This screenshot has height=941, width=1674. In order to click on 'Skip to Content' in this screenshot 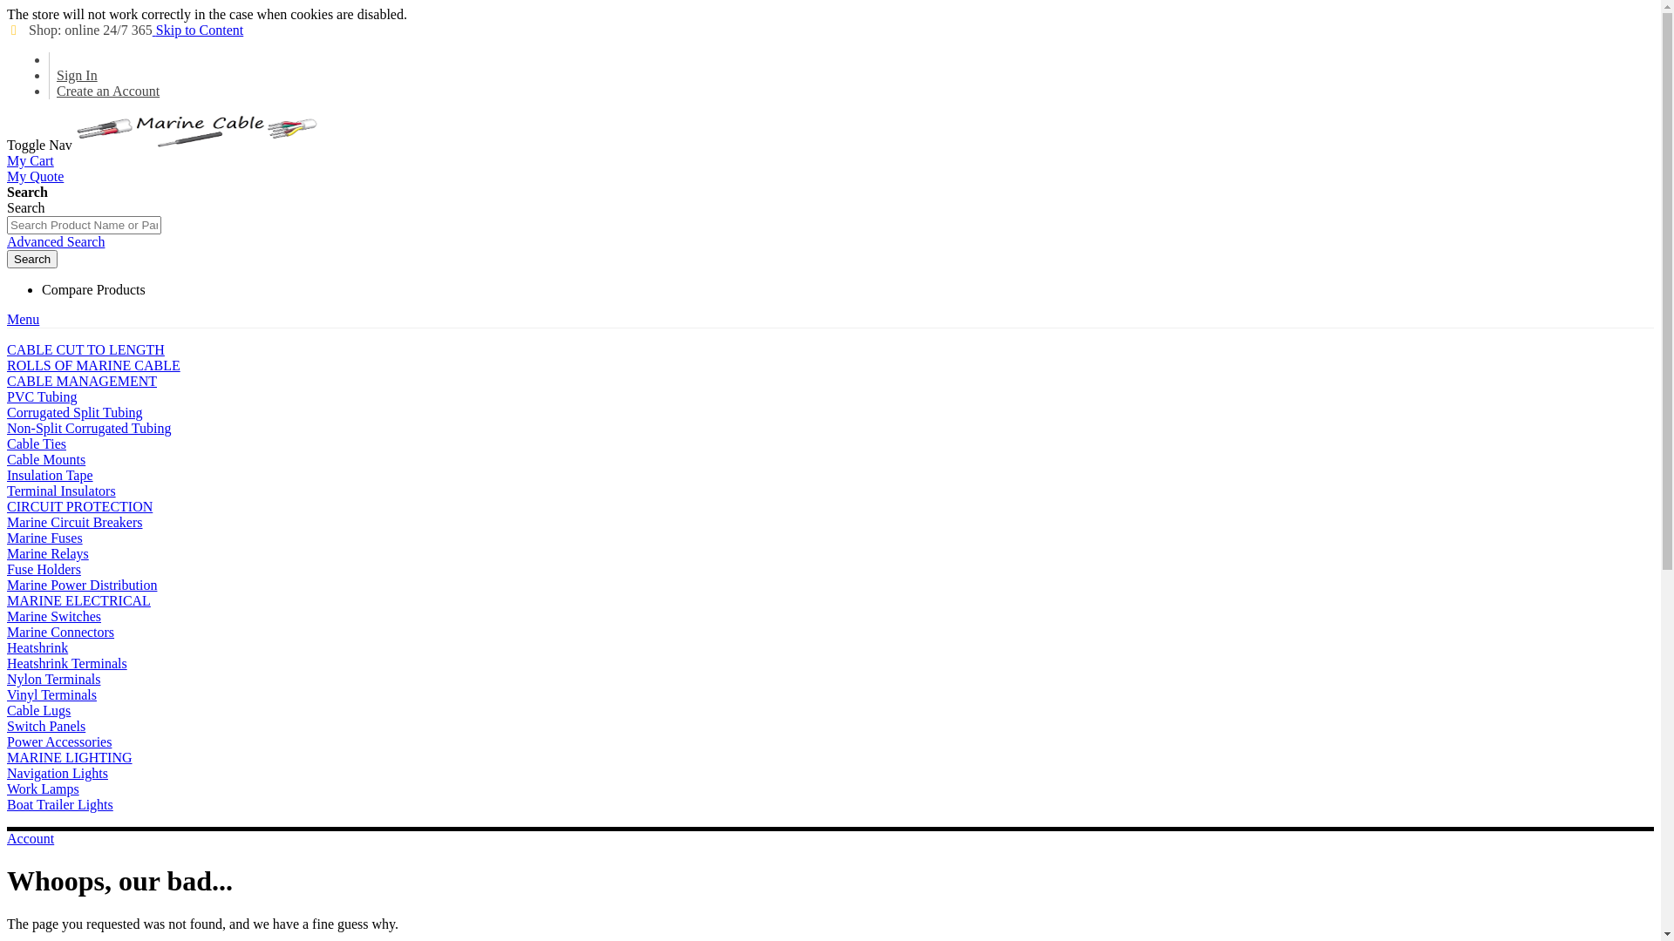, I will do `click(197, 30)`.